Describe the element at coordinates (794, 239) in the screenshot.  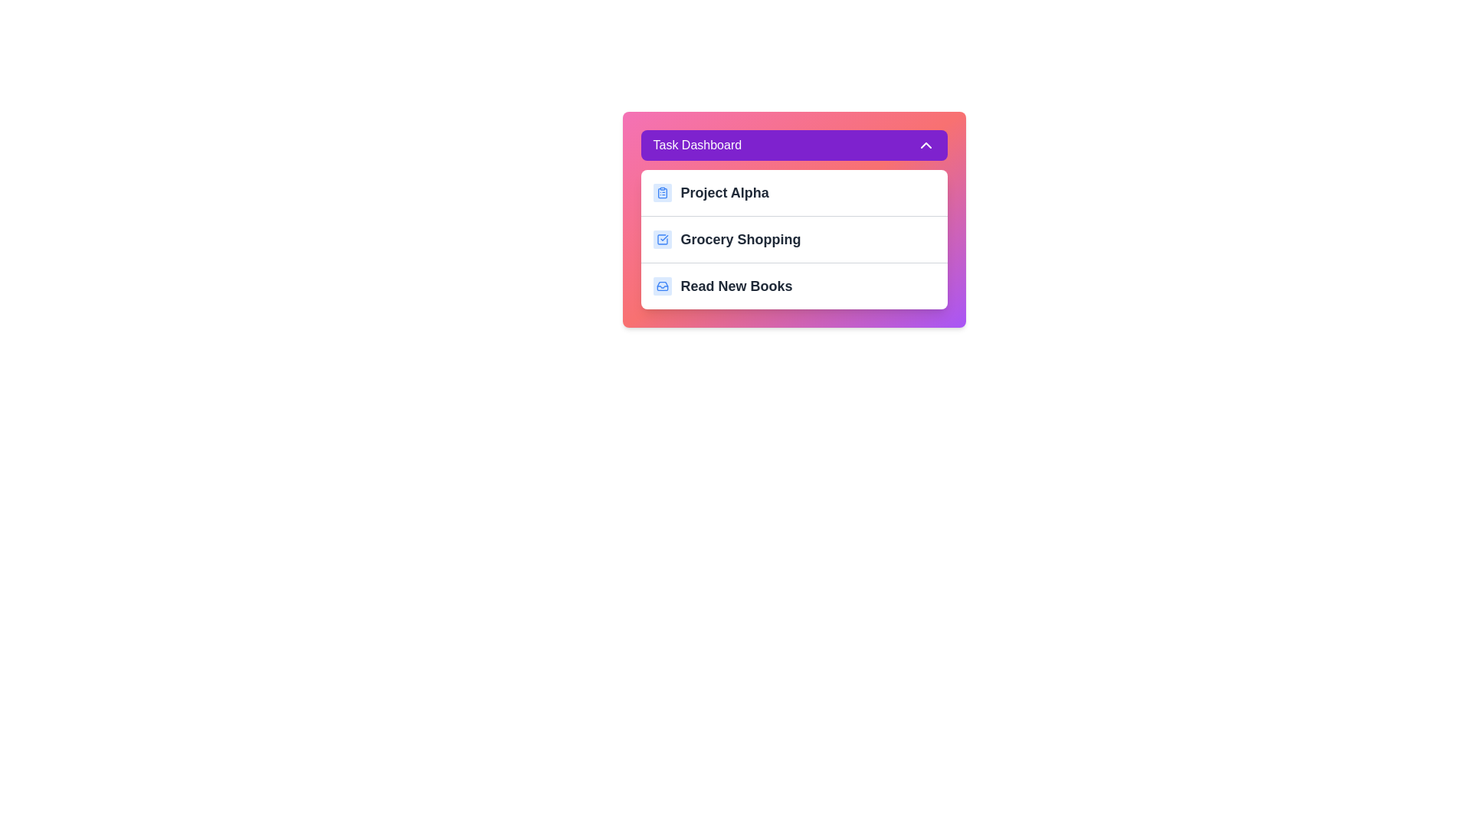
I see `on the 'Grocery Shopping' list item, which features a bold label and a blue checkmark icon` at that location.